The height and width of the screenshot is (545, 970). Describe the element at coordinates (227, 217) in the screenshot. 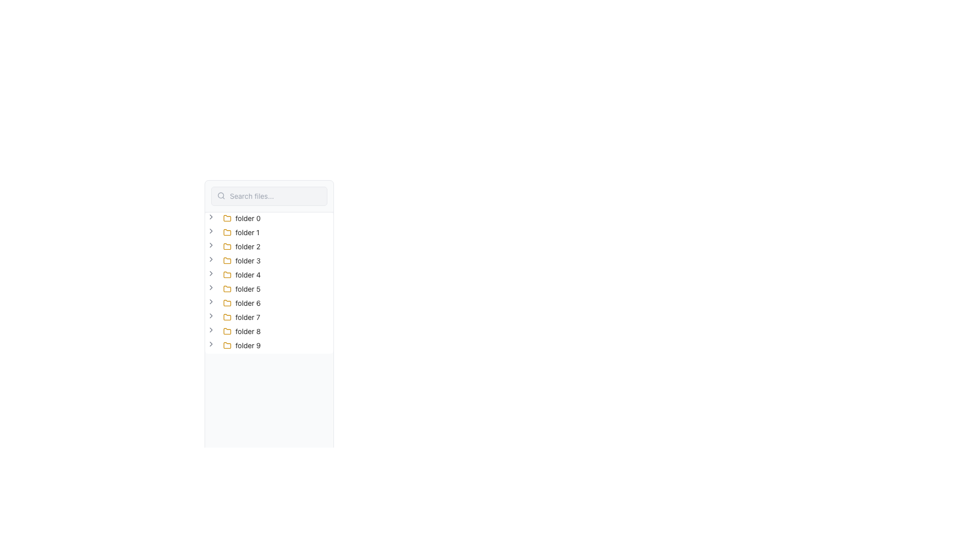

I see `the topmost folder icon` at that location.